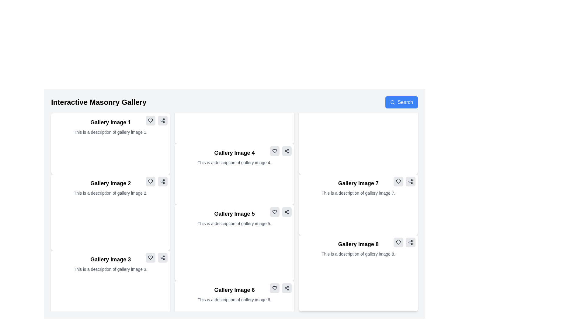 This screenshot has width=584, height=329. What do you see at coordinates (157, 257) in the screenshot?
I see `the share icon located in the upper right corner of the card labeled 'Gallery Image 3' to share content` at bounding box center [157, 257].